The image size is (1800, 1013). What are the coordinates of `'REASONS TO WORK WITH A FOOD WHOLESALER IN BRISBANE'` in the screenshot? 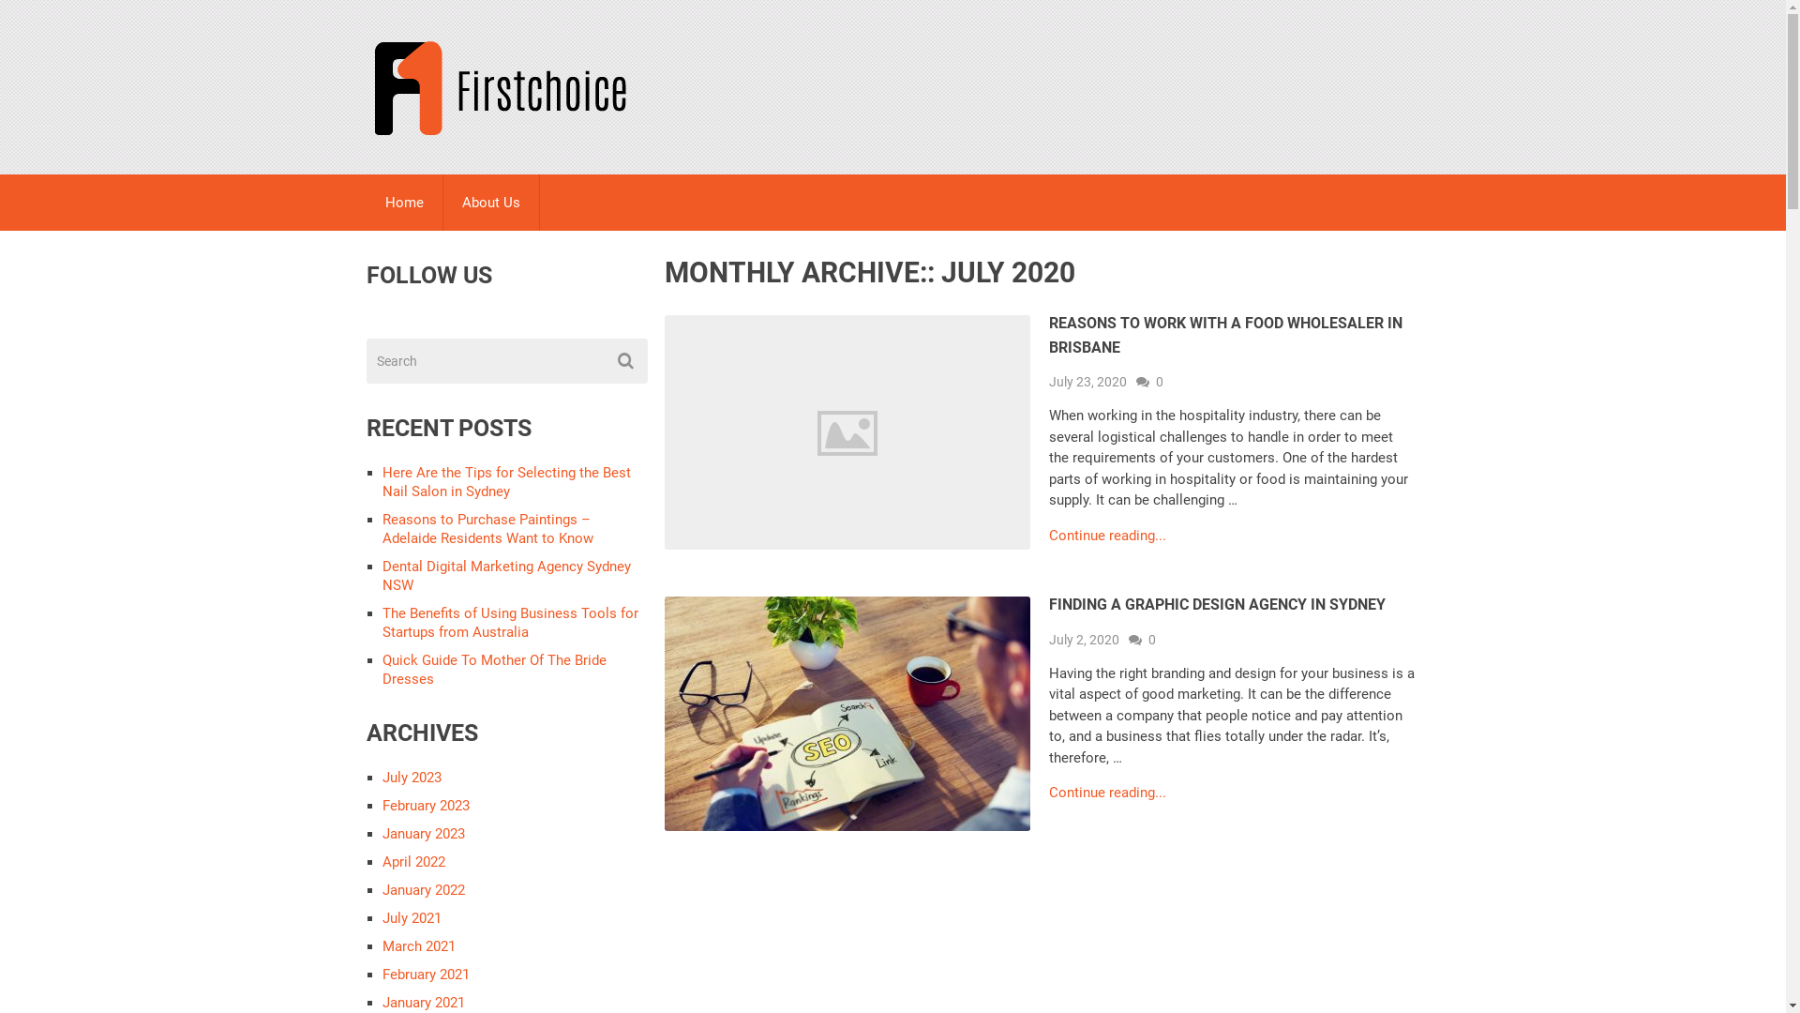 It's located at (1225, 334).